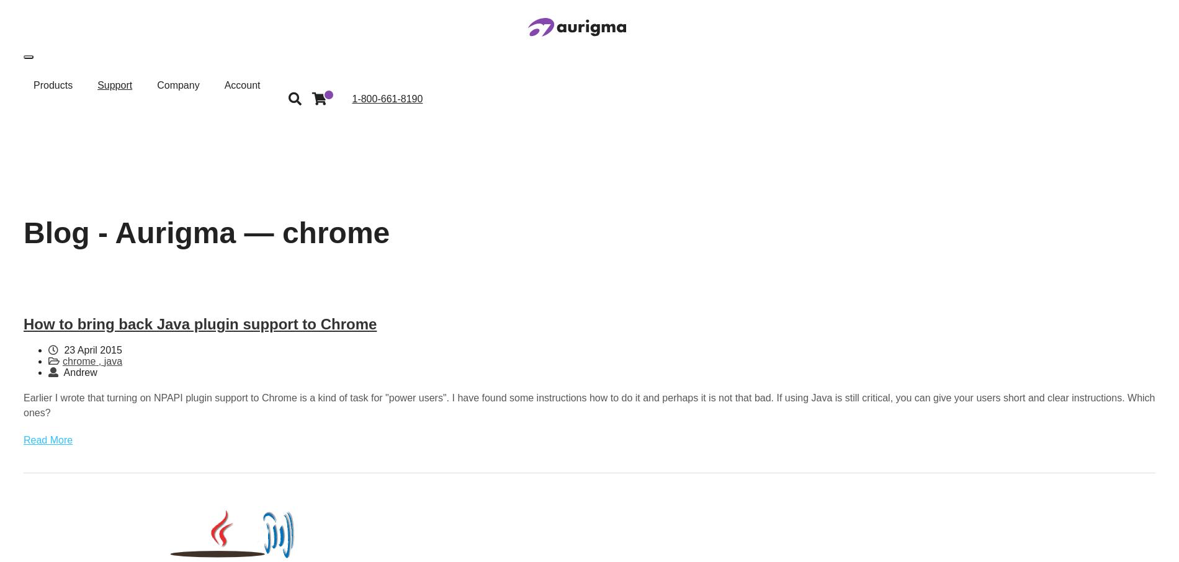 The height and width of the screenshot is (562, 1179). Describe the element at coordinates (241, 85) in the screenshot. I see `'Account'` at that location.